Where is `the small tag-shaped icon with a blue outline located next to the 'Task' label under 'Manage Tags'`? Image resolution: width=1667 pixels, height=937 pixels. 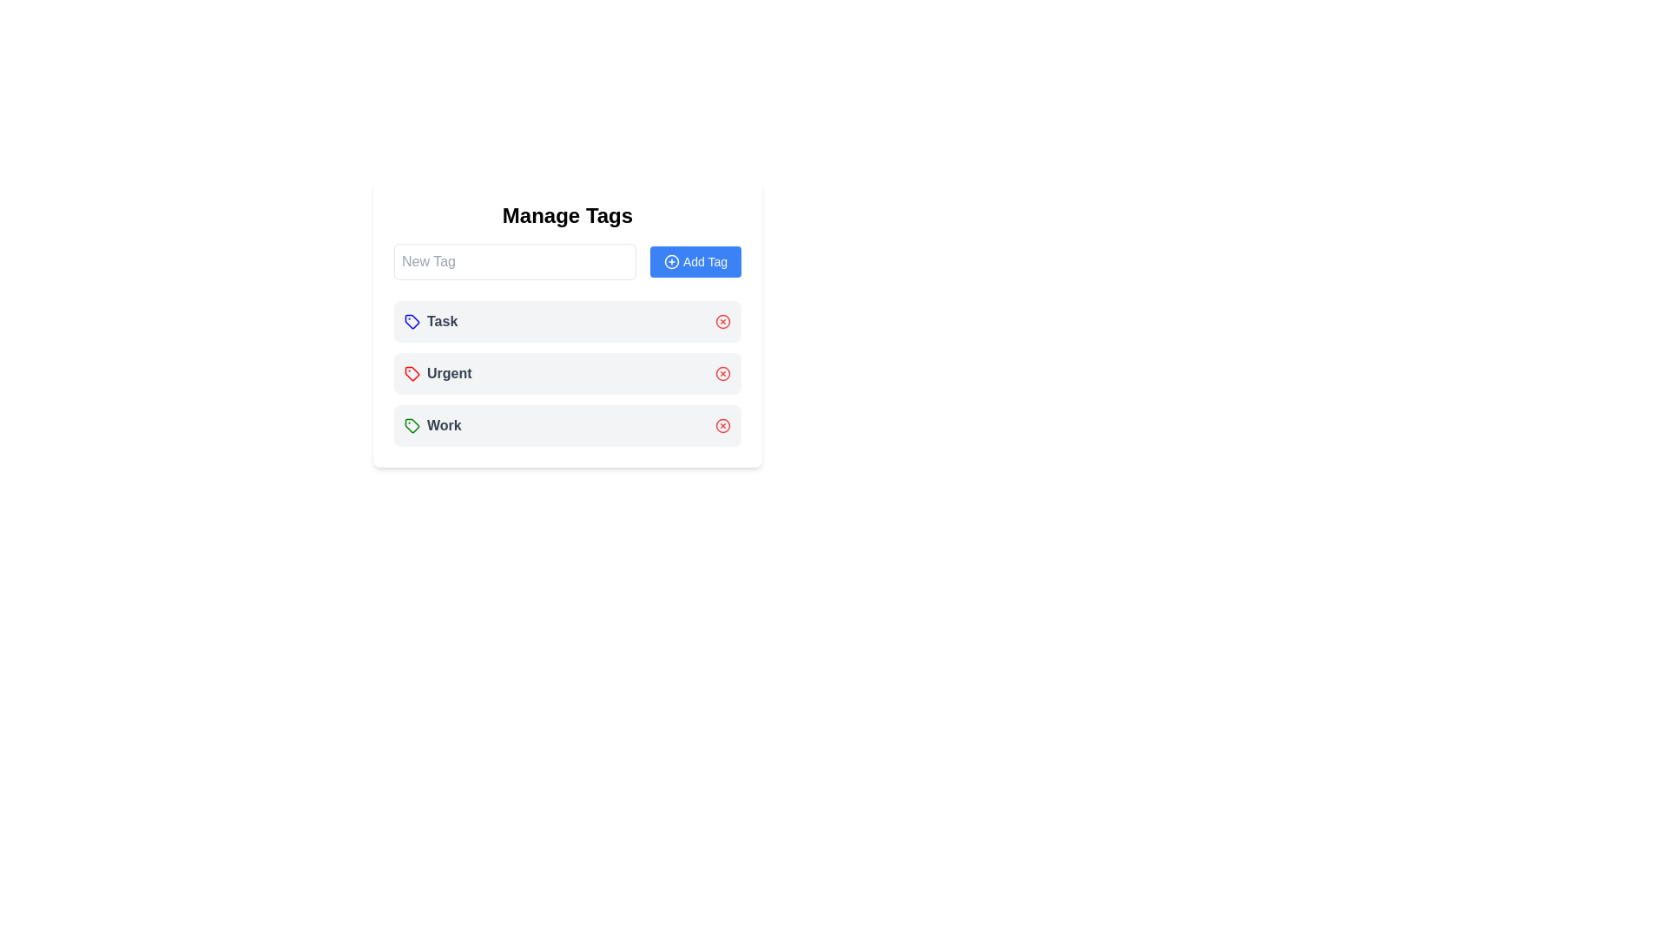
the small tag-shaped icon with a blue outline located next to the 'Task' label under 'Manage Tags' is located at coordinates (412, 321).